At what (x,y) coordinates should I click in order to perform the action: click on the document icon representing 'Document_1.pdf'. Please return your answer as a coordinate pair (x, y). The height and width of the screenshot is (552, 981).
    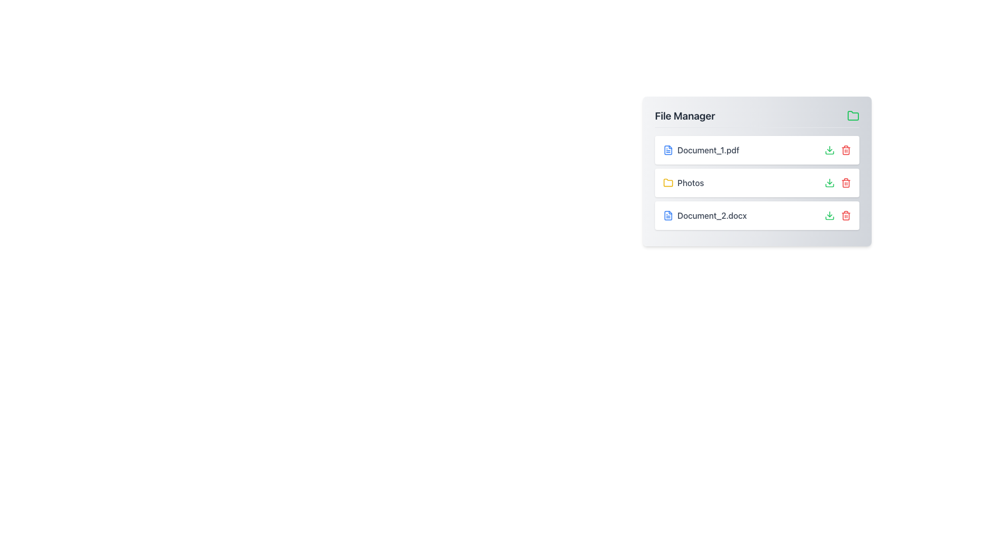
    Looking at the image, I should click on (668, 150).